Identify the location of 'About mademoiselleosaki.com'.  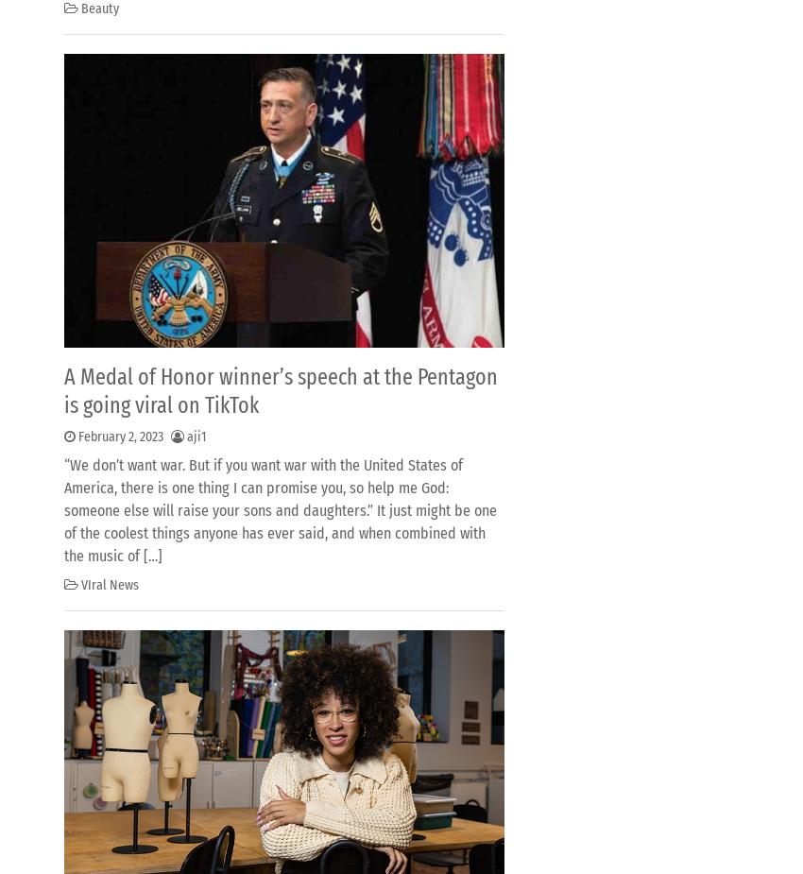
(173, 82).